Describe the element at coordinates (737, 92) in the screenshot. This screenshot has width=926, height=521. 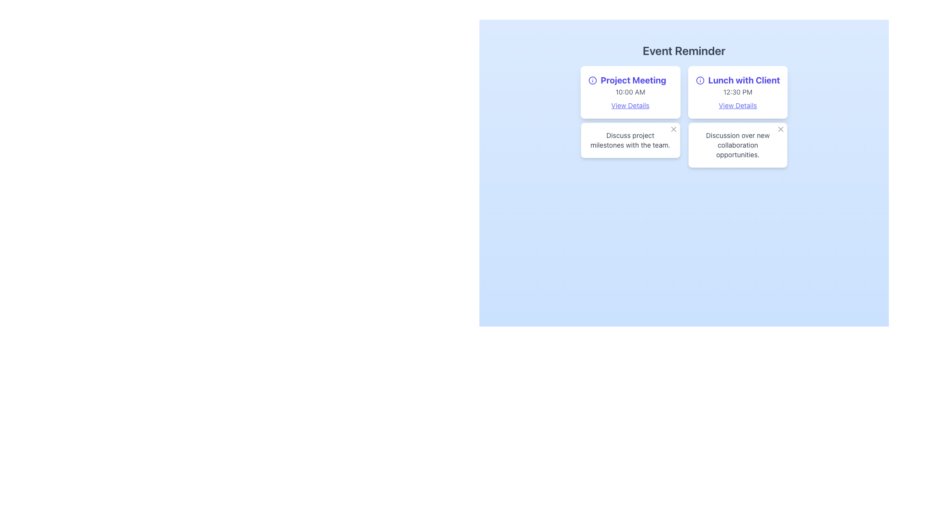
I see `the static text element that displays the scheduled time for the event within the 'Lunch with Client' card located in the top right corner of the interface` at that location.